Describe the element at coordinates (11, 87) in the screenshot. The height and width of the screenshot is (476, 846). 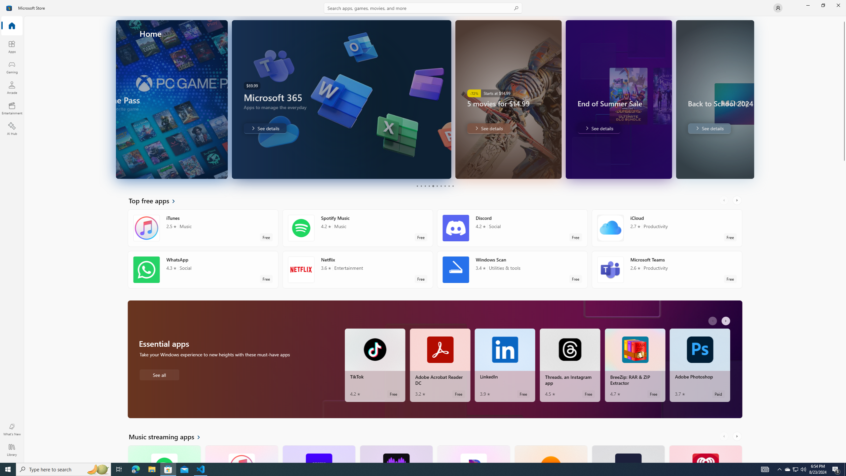
I see `'Arcade'` at that location.